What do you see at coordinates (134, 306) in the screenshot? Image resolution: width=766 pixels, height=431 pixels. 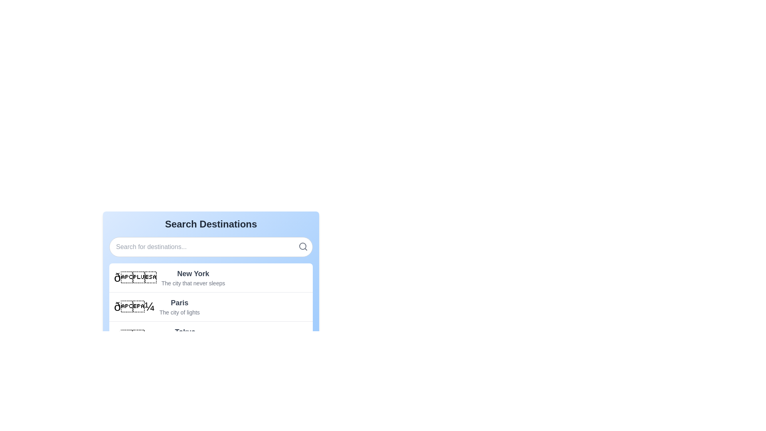 I see `the decorative emoji located to the left of the list item referencing 'Paris - The city of lights.'` at bounding box center [134, 306].